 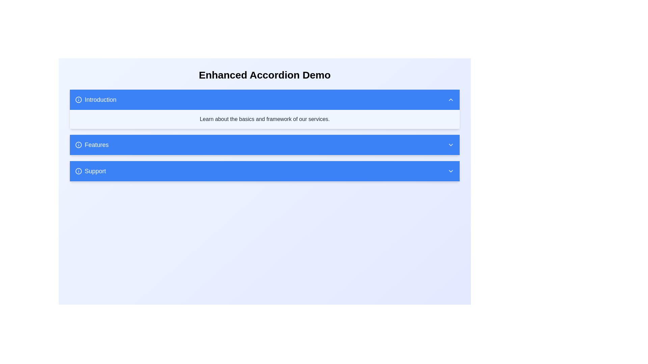 I want to click on the upward-pointing chevron icon in the header section labeled 'Introduction' to trigger the potential tooltip, so click(x=451, y=100).